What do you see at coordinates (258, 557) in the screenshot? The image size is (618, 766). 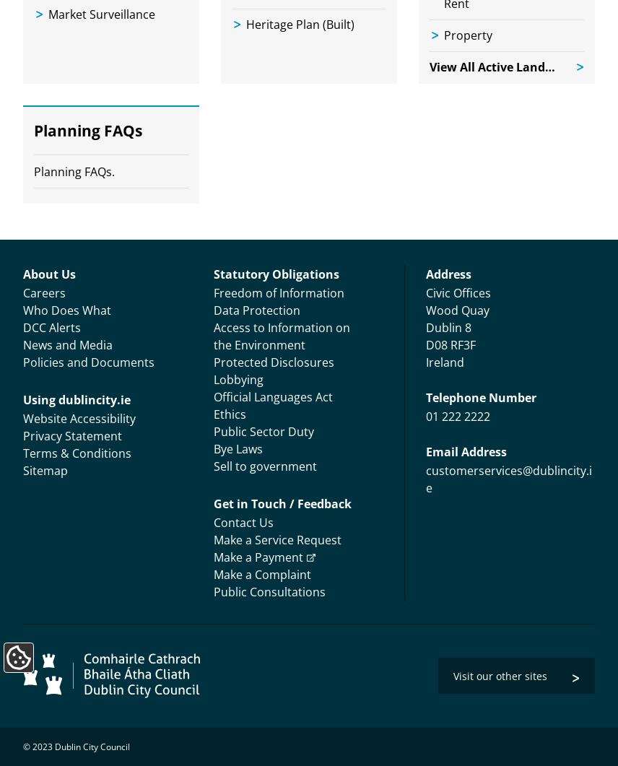 I see `'Make a Payment'` at bounding box center [258, 557].